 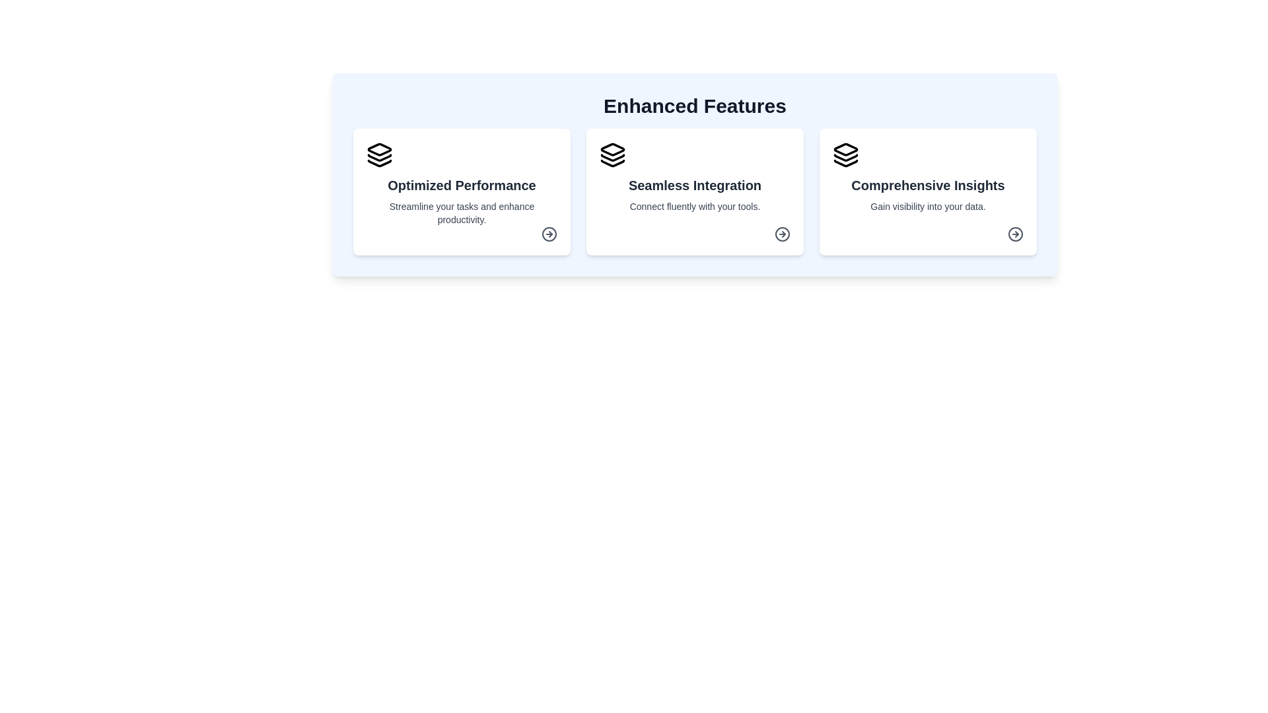 I want to click on the static text label that provides additional information about the card's heading 'Comprehensive Insights', located within the rightmost card labeled 'Enhanced Features', so click(x=927, y=213).